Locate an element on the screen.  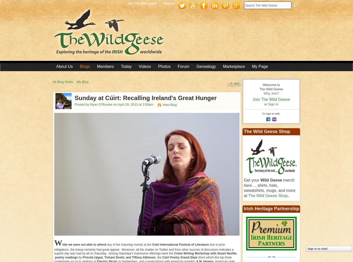
'due to prior obligations, the lineup certainly had great appeal.  Moreover, all the chatter on Twitter and from other sources of discussion indicates a superb day was had by all on Saturday.  Among Saturday's impressive offerings were the' is located at coordinates (144, 249).